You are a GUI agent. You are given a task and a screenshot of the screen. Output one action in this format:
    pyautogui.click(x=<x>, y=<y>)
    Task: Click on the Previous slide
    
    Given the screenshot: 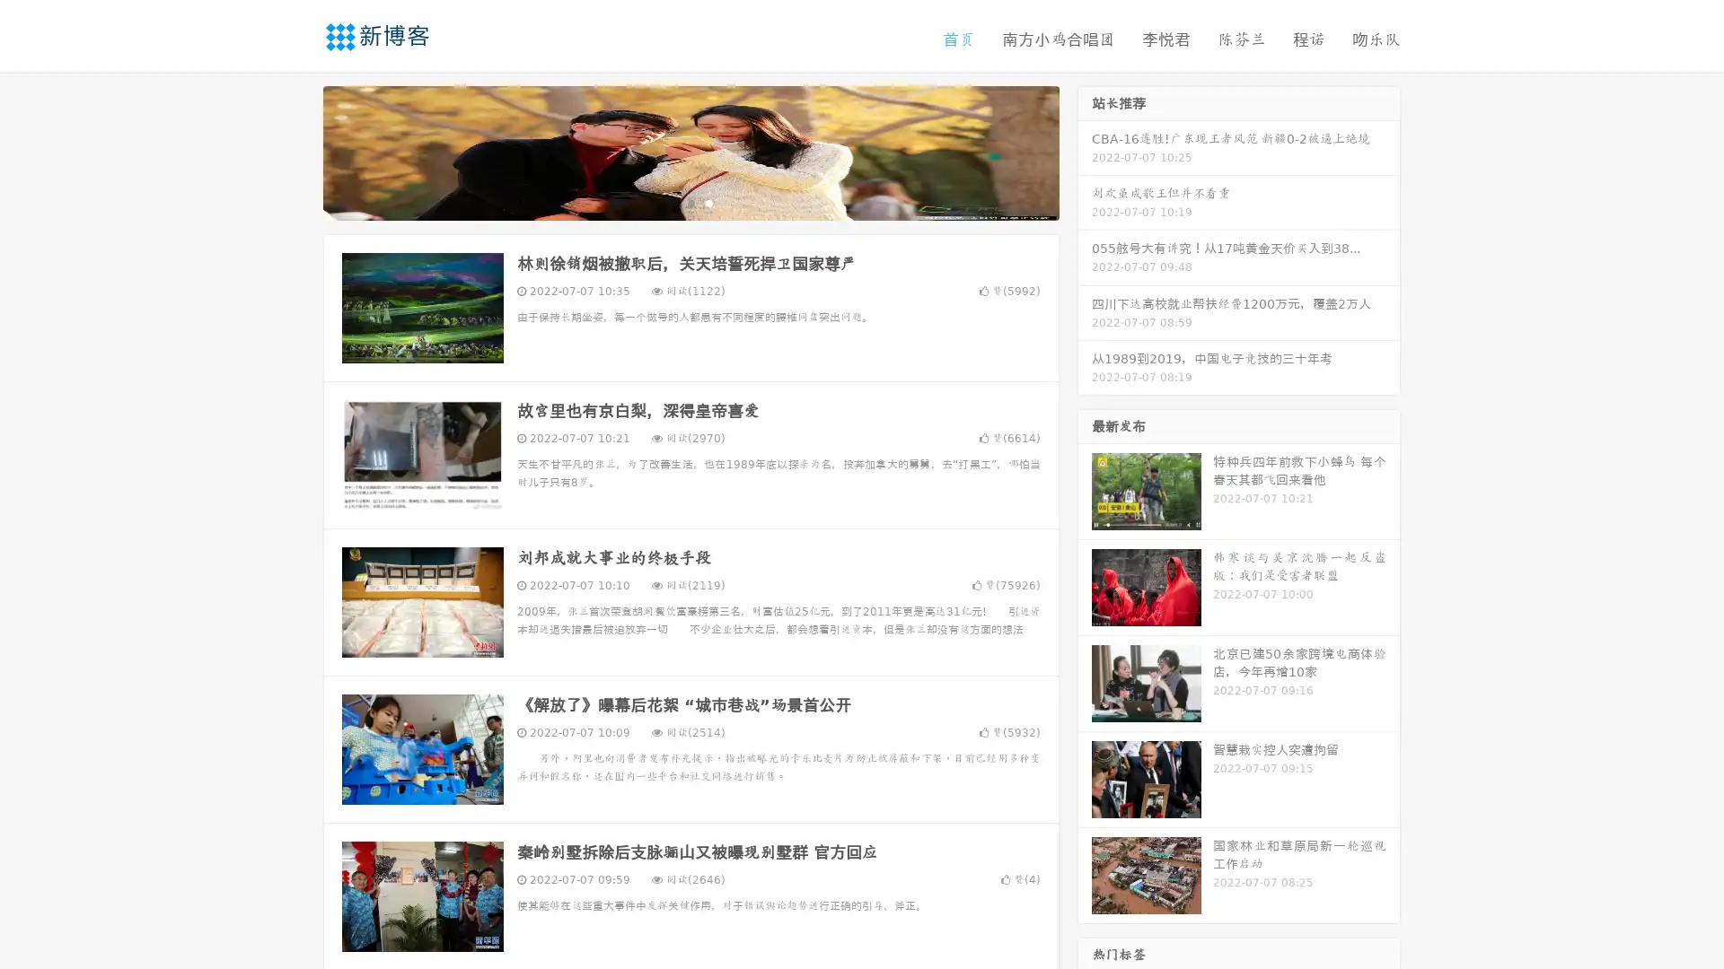 What is the action you would take?
    pyautogui.click(x=296, y=151)
    